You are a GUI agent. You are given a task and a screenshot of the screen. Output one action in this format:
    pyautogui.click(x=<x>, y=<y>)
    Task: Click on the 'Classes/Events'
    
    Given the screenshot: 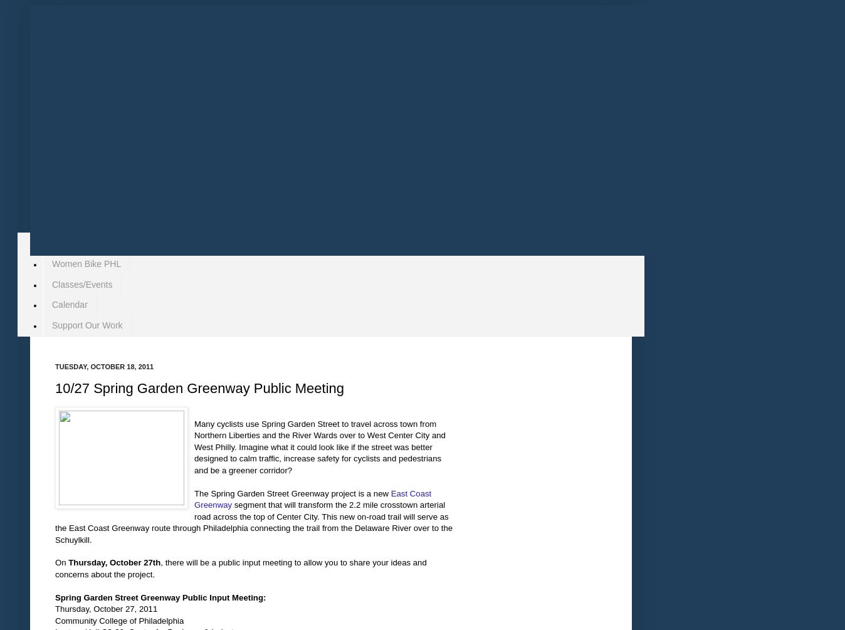 What is the action you would take?
    pyautogui.click(x=51, y=283)
    